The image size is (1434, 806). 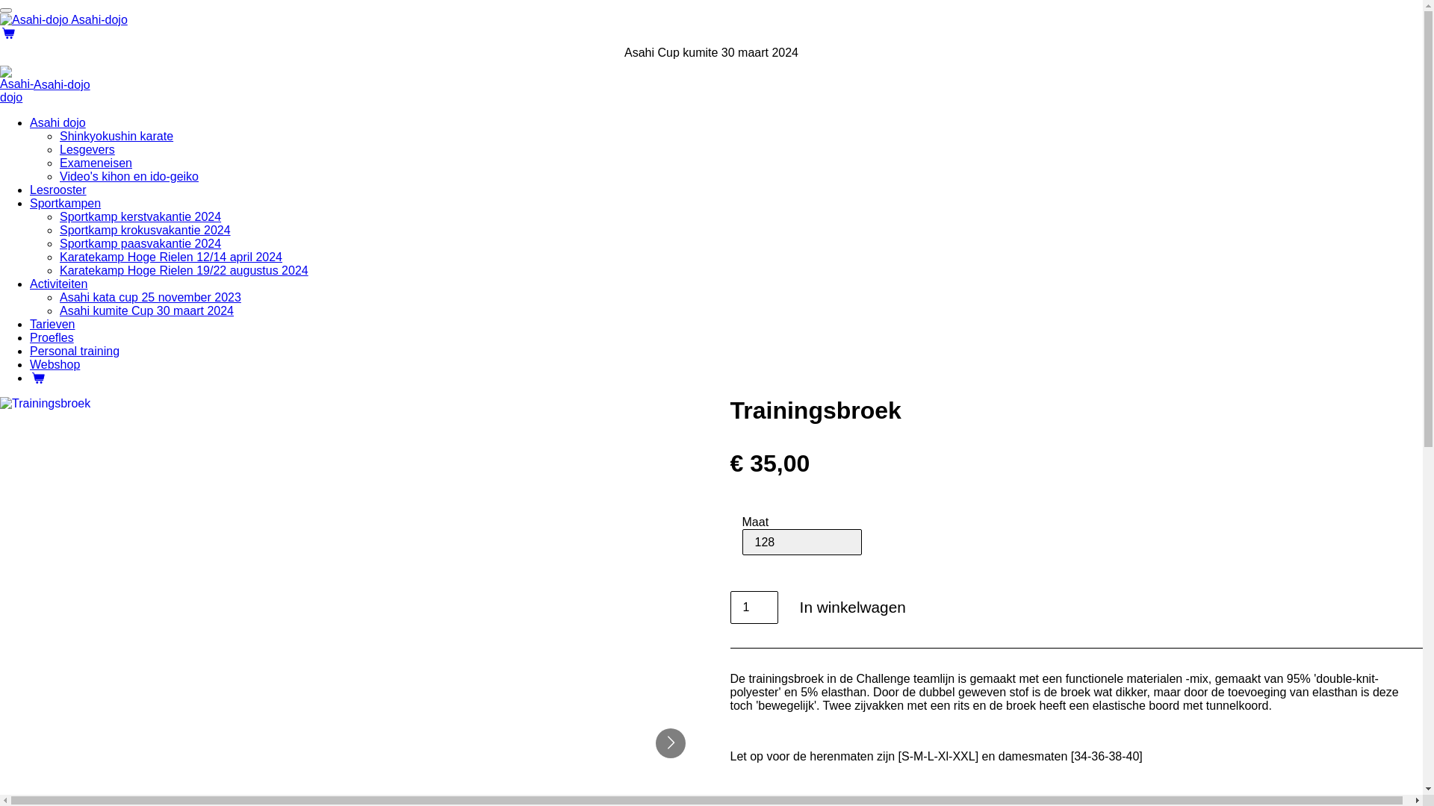 I want to click on 'Video's kihon en ido-geiko', so click(x=60, y=175).